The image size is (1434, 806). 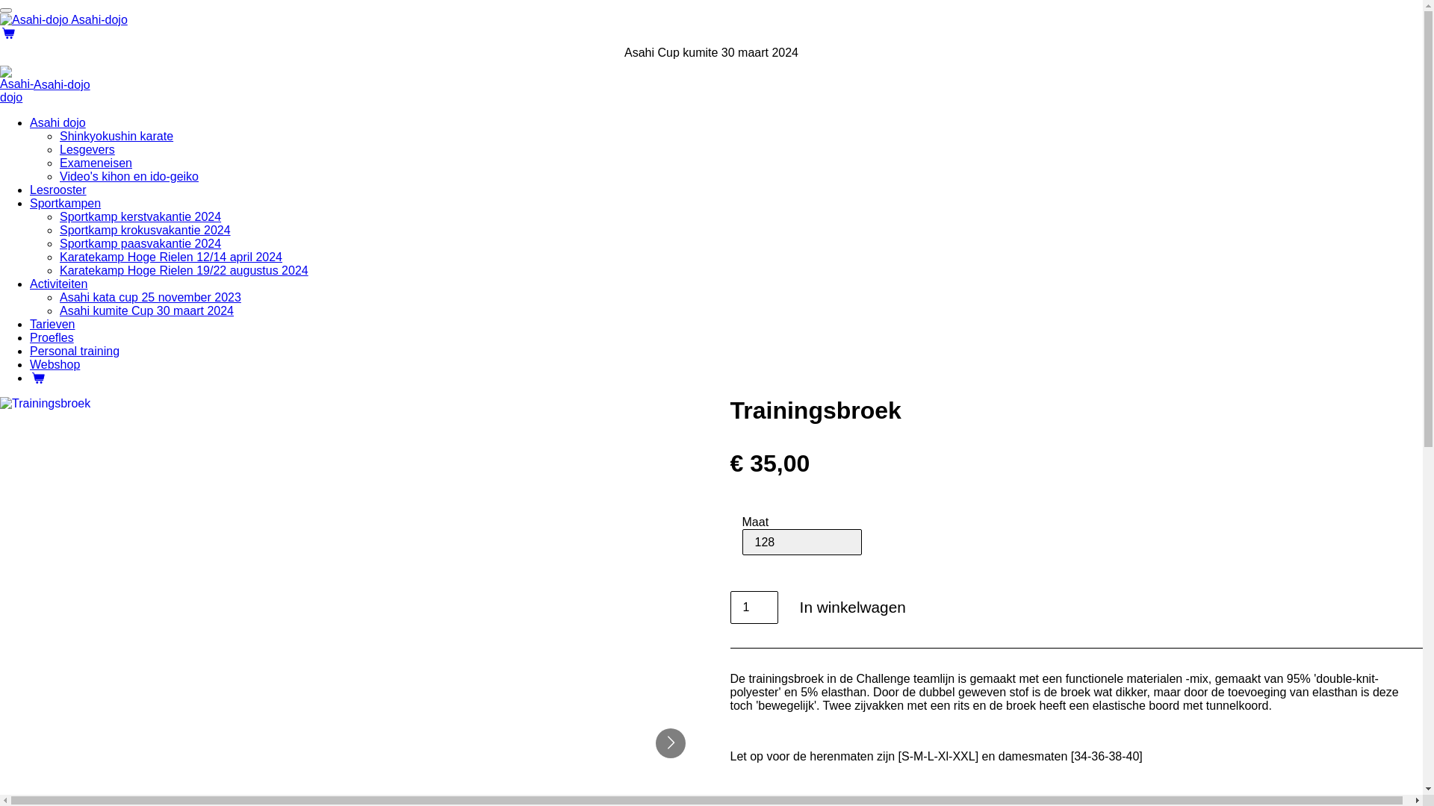 I want to click on 'Video's kihon en ido-geiko', so click(x=60, y=175).